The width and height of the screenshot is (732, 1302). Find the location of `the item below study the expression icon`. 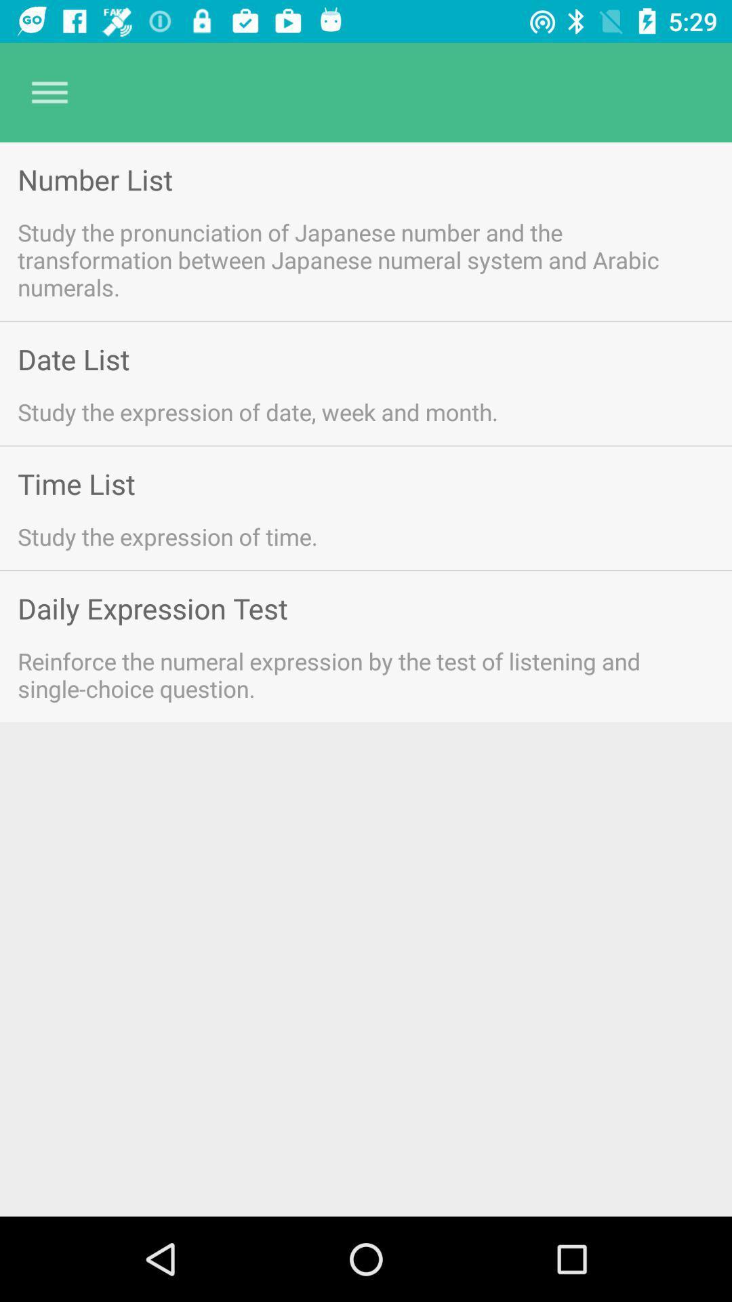

the item below study the expression icon is located at coordinates (76, 484).